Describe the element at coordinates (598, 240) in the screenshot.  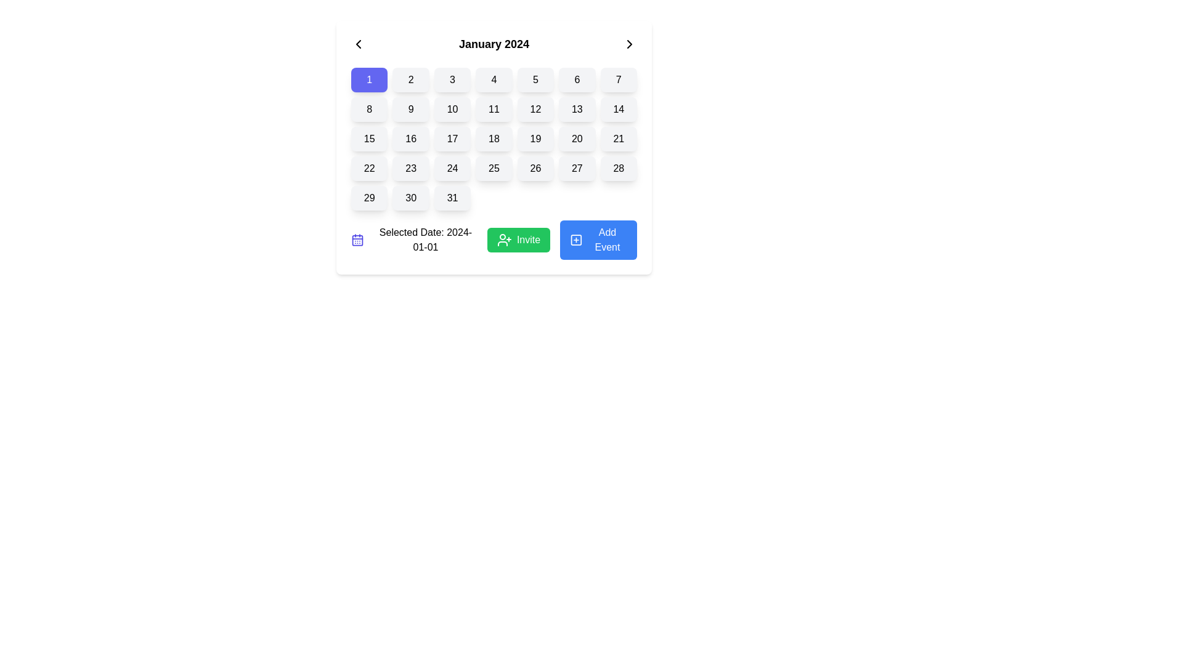
I see `the 'Add Event' button located at the far-right of the row under the calendar interface` at that location.